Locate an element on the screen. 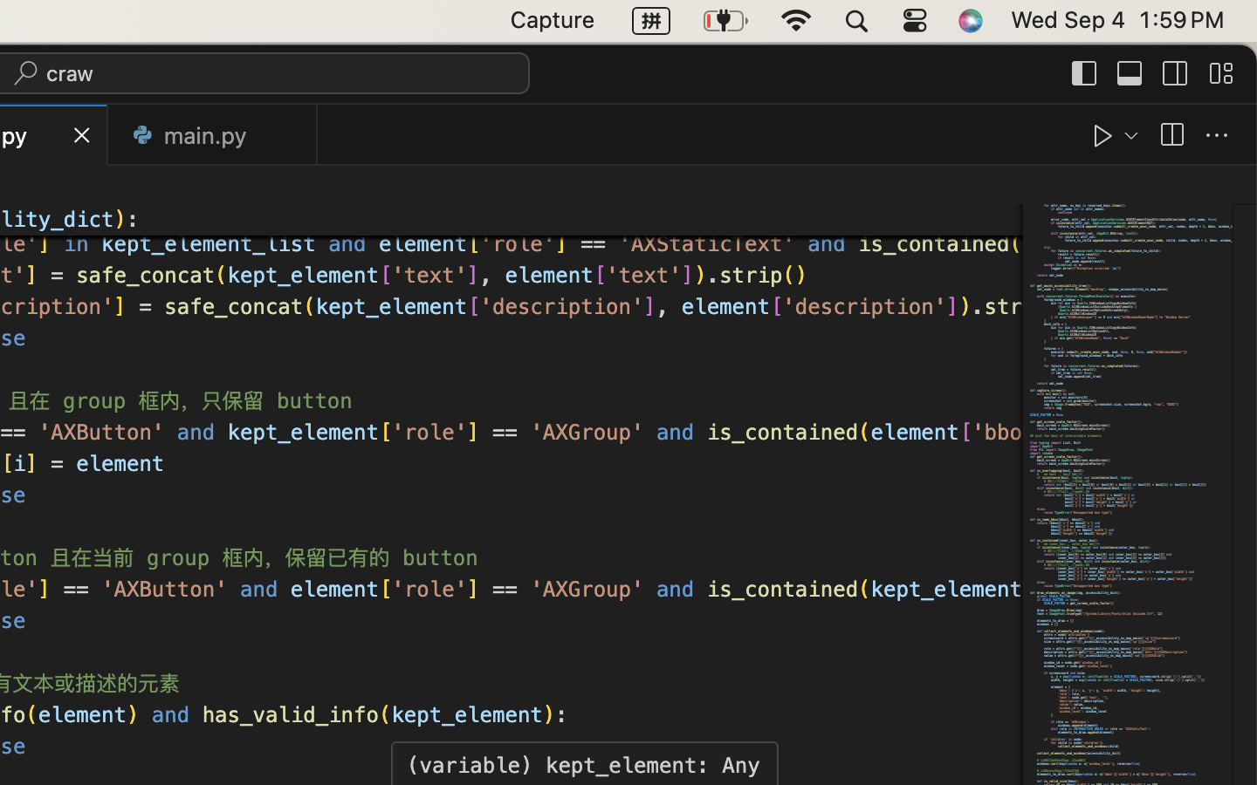 The height and width of the screenshot is (785, 1257). '' is located at coordinates (1170, 135).